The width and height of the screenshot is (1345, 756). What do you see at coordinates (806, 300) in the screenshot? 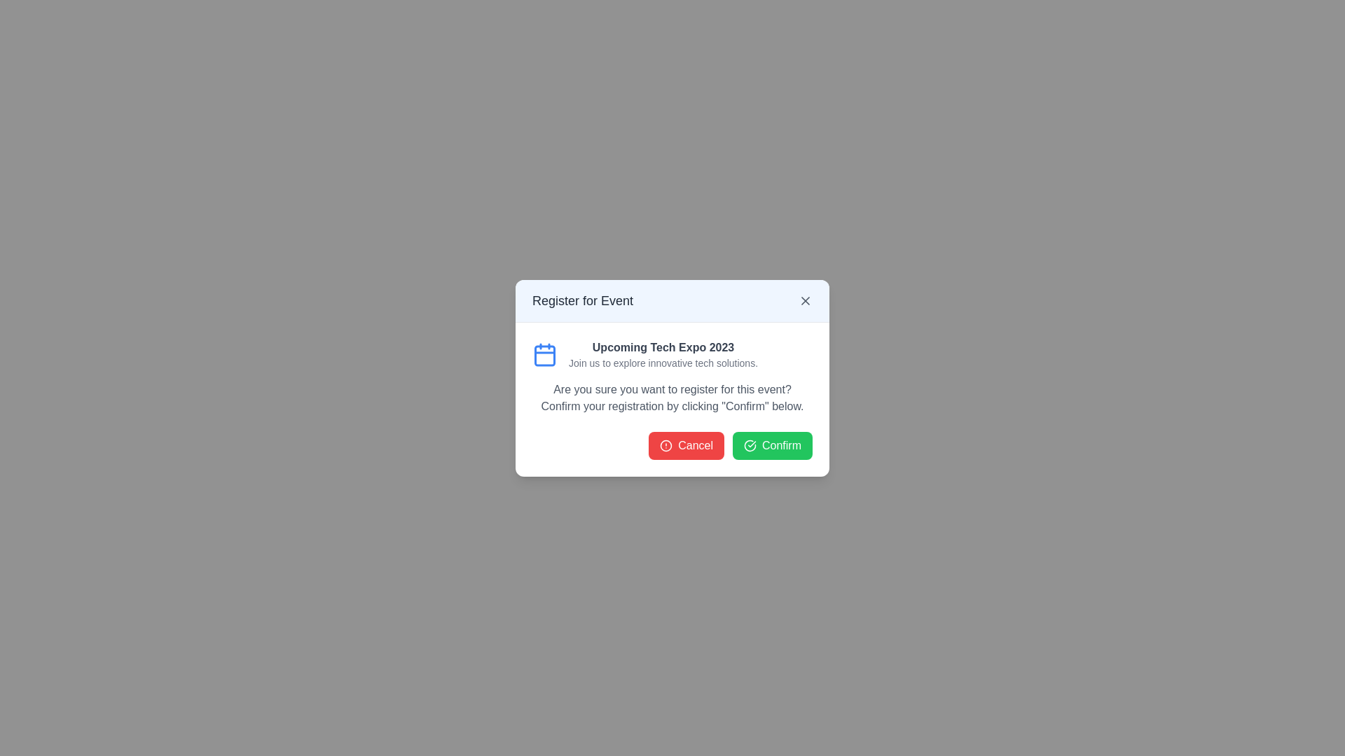
I see `the close button icon, which is an 'X'-shaped icon located at the top-right corner of the 'Register for Event' modal` at bounding box center [806, 300].